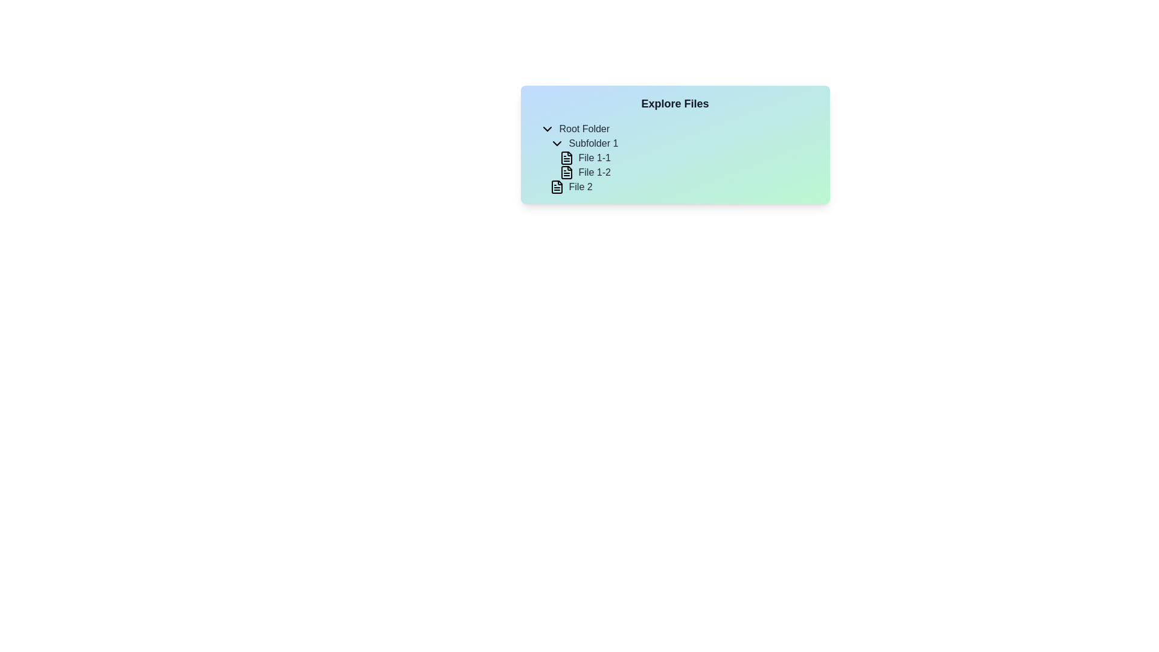 Image resolution: width=1159 pixels, height=652 pixels. What do you see at coordinates (584, 129) in the screenshot?
I see `the text label indicating the root directory in the file explorer` at bounding box center [584, 129].